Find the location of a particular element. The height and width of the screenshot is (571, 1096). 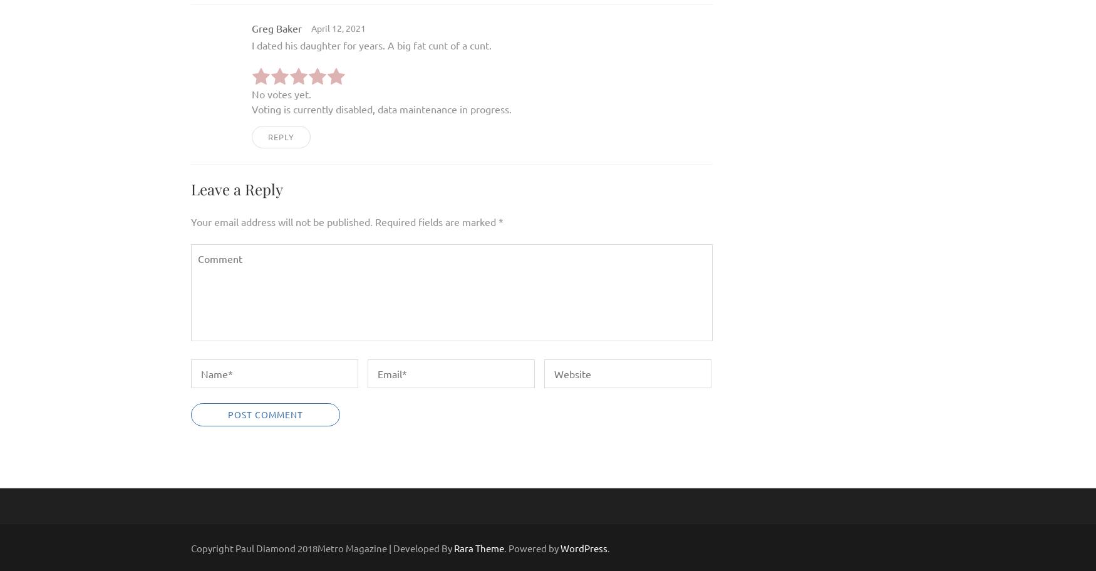

'Reply' is located at coordinates (281, 135).